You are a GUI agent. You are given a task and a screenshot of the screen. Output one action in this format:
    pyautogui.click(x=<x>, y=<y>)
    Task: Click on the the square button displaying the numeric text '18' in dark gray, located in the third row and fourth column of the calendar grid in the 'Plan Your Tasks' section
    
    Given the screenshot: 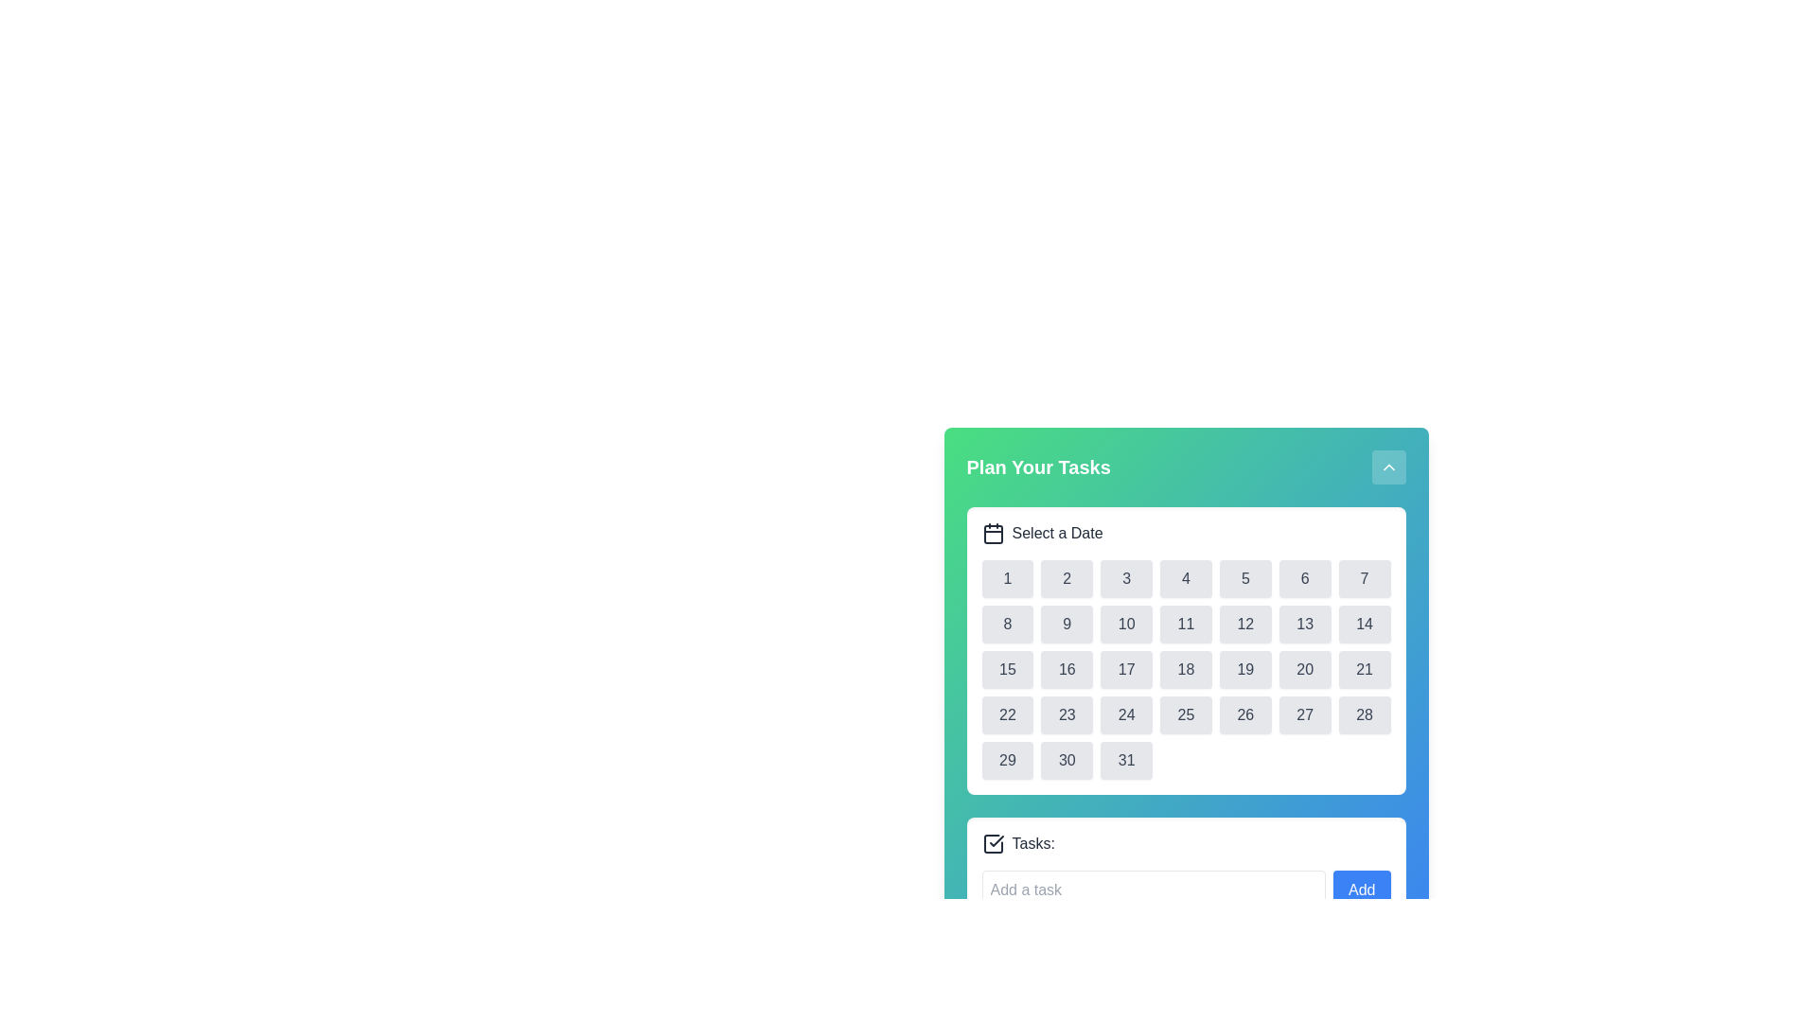 What is the action you would take?
    pyautogui.click(x=1185, y=669)
    